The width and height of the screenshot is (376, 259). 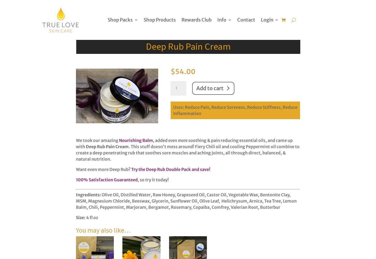 What do you see at coordinates (154, 140) in the screenshot?
I see `','` at bounding box center [154, 140].